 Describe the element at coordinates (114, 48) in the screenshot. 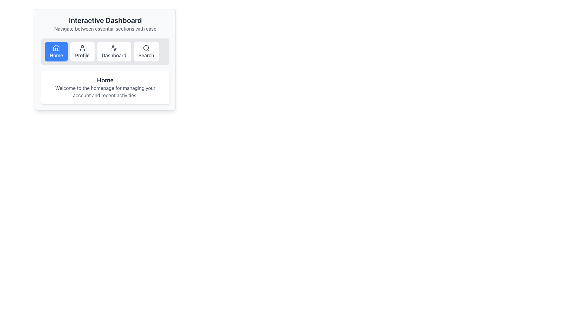

I see `the 'Dashboard' button which contains the SVG graphic icon for navigation to the dashboard interface` at that location.